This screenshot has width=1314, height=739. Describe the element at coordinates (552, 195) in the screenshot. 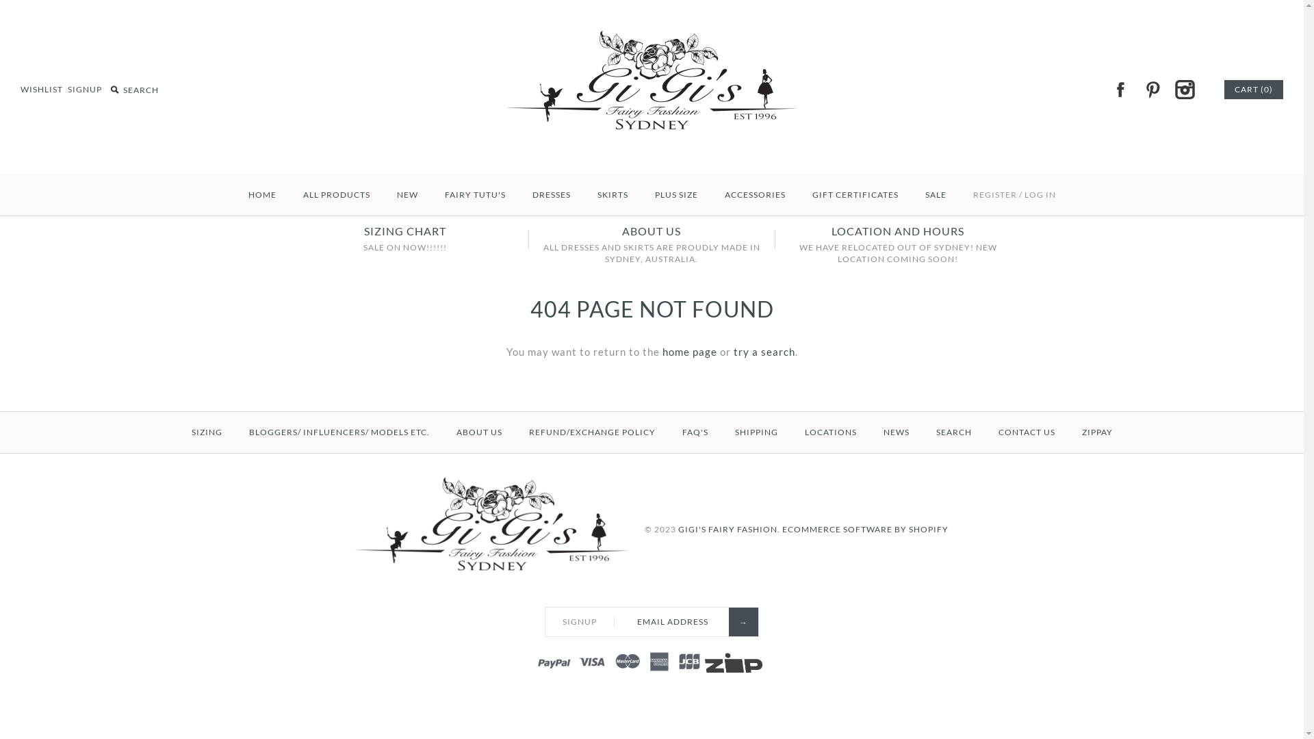

I see `'DRESSES'` at that location.